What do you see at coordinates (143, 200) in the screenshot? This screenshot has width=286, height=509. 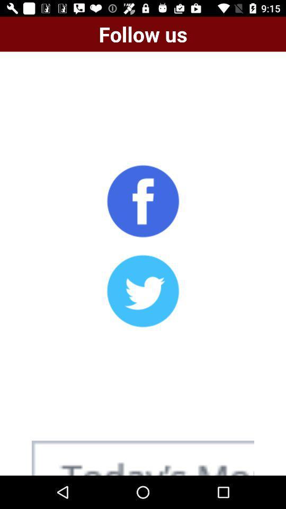 I see `share on facebook` at bounding box center [143, 200].